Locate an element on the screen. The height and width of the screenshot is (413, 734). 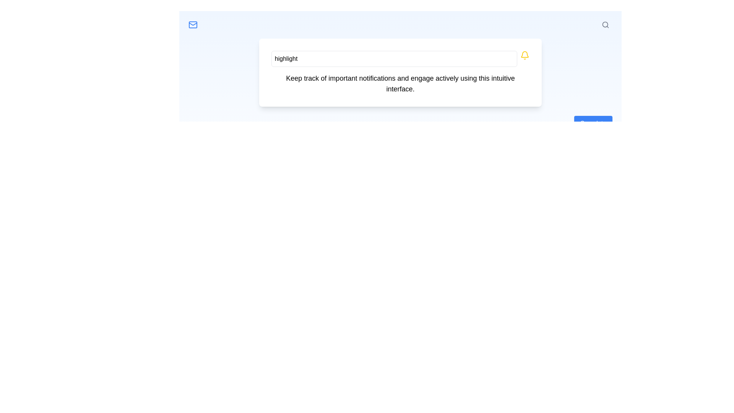
the informational text block located below the text input field with the placeholder 'Enter text is located at coordinates (400, 84).